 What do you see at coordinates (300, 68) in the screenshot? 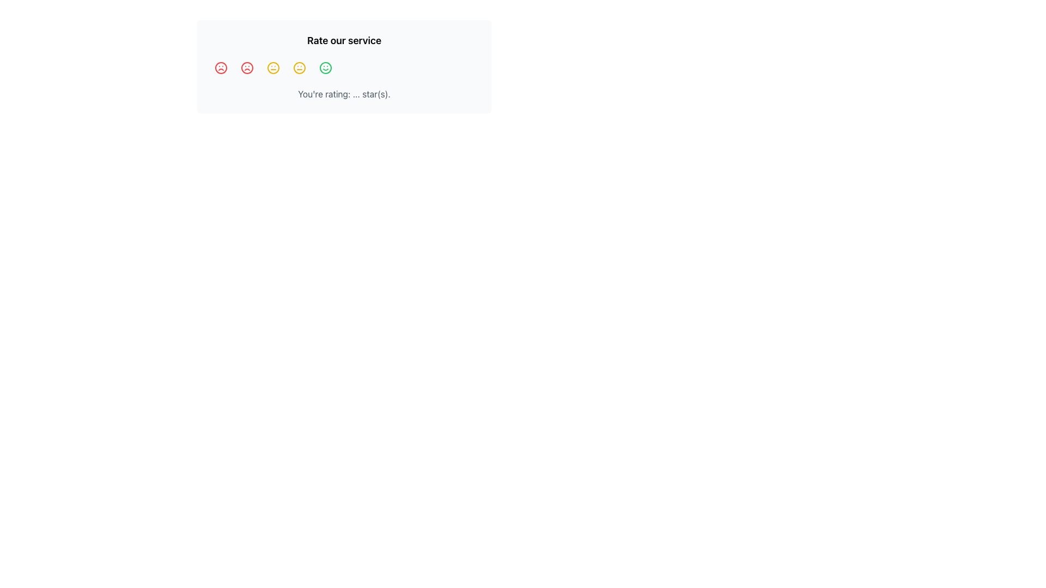
I see `the circular button featuring a meh face icon styled in yellow` at bounding box center [300, 68].